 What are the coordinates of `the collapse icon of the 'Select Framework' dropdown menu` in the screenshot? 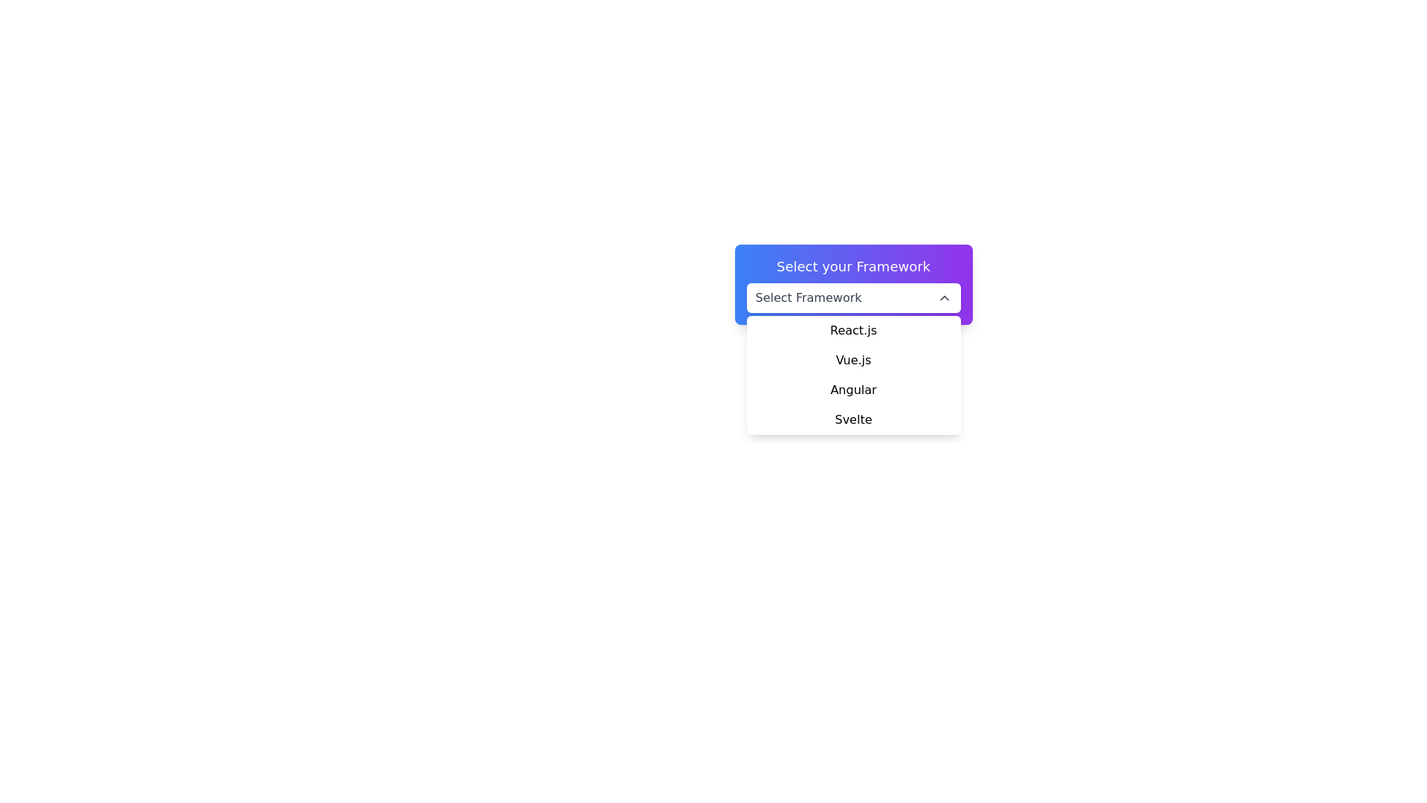 It's located at (943, 298).